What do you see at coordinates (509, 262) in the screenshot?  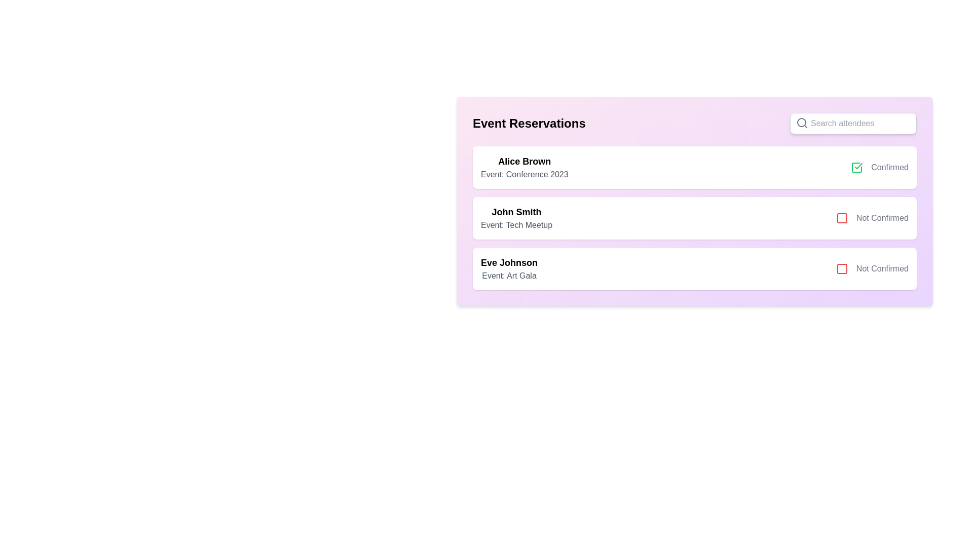 I see `text label identifying the name of an individual associated with the 'Event Reservations' list, which is located above the 'Event: Art Gala' text` at bounding box center [509, 262].